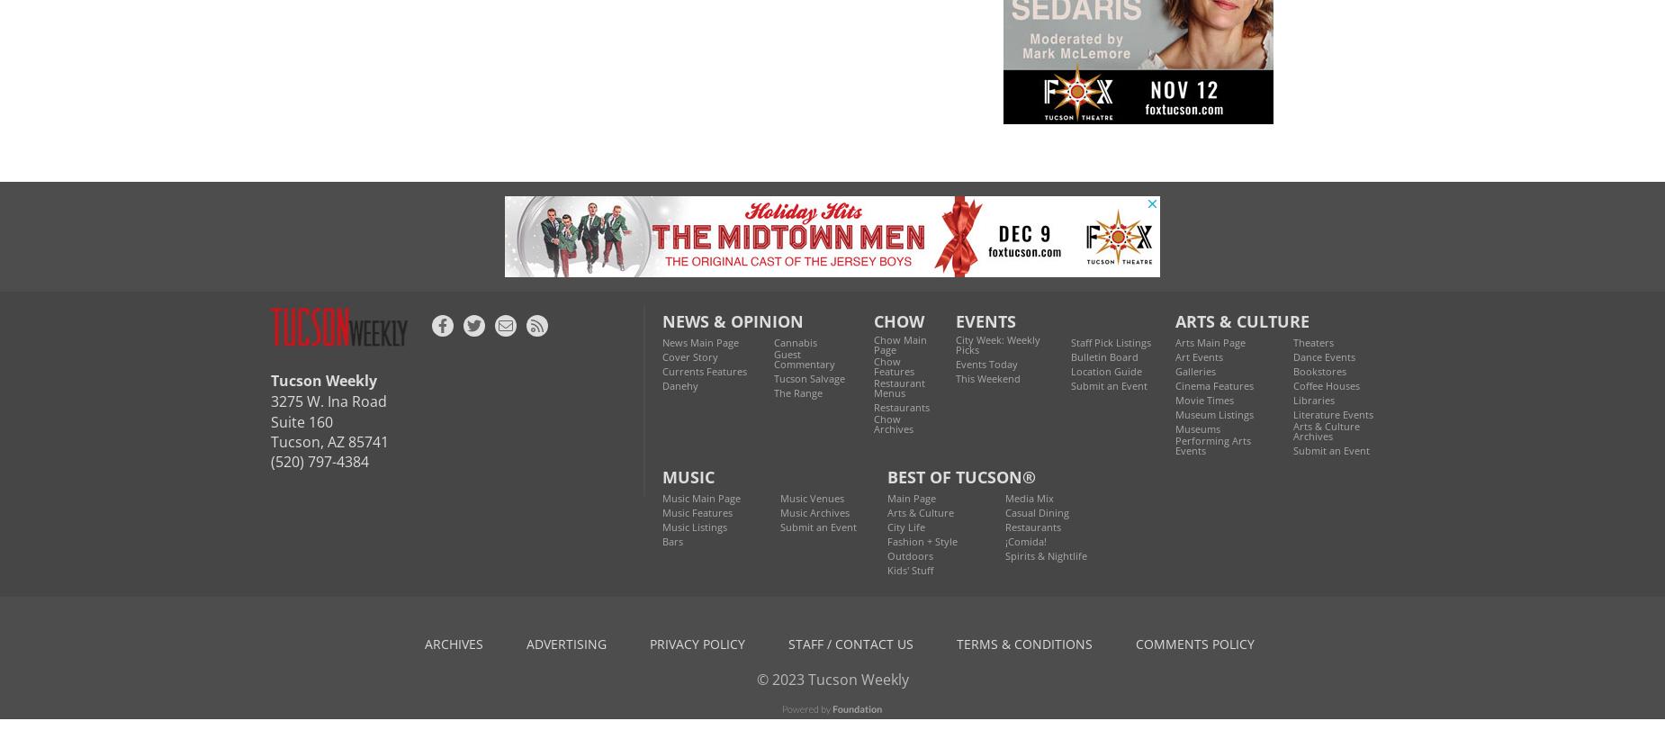 The image size is (1665, 739). I want to click on 'Chow', so click(898, 320).